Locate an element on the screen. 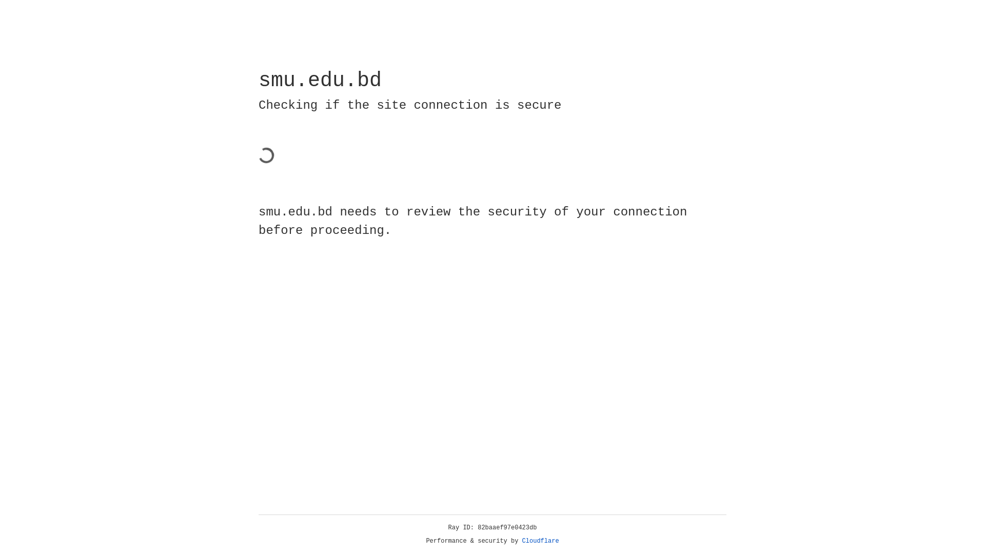 The width and height of the screenshot is (985, 554). 'Cloudflare' is located at coordinates (540, 541).